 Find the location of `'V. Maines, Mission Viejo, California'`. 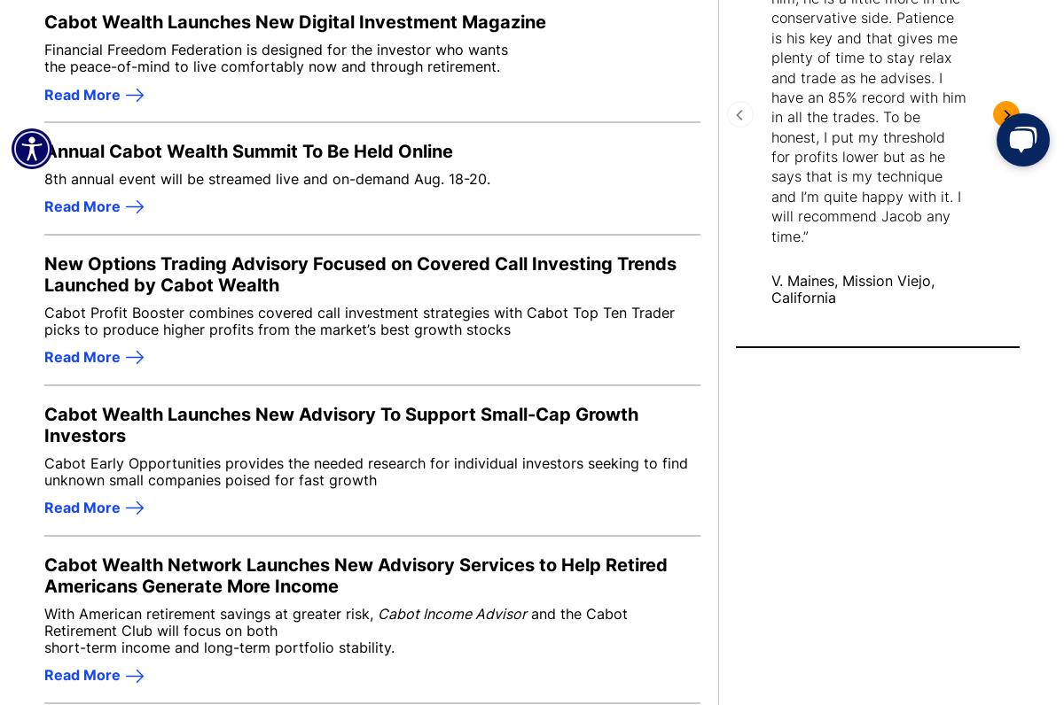

'V. Maines, Mission Viejo, California' is located at coordinates (853, 289).